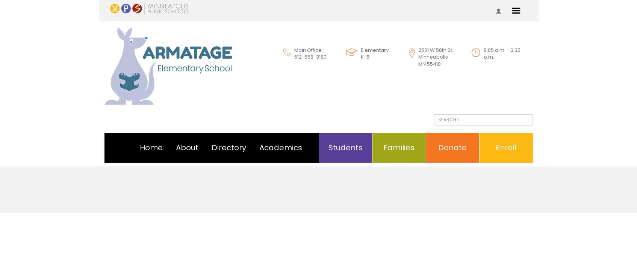  I want to click on '8:05 a.m. - 2:35 p.m.', so click(501, 53).